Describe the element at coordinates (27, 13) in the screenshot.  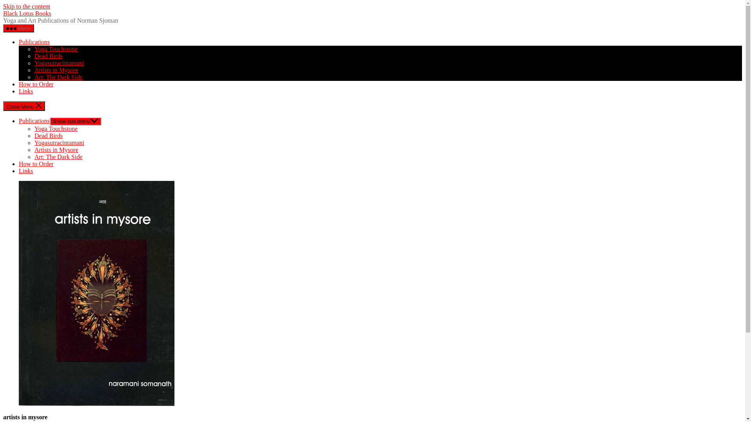
I see `'Black Lotus Books'` at that location.